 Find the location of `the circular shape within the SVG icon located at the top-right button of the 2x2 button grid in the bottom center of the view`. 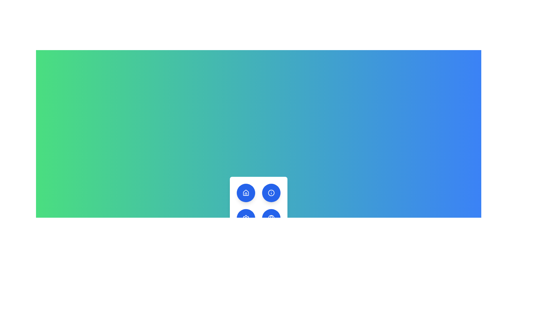

the circular shape within the SVG icon located at the top-right button of the 2x2 button grid in the bottom center of the view is located at coordinates (271, 193).